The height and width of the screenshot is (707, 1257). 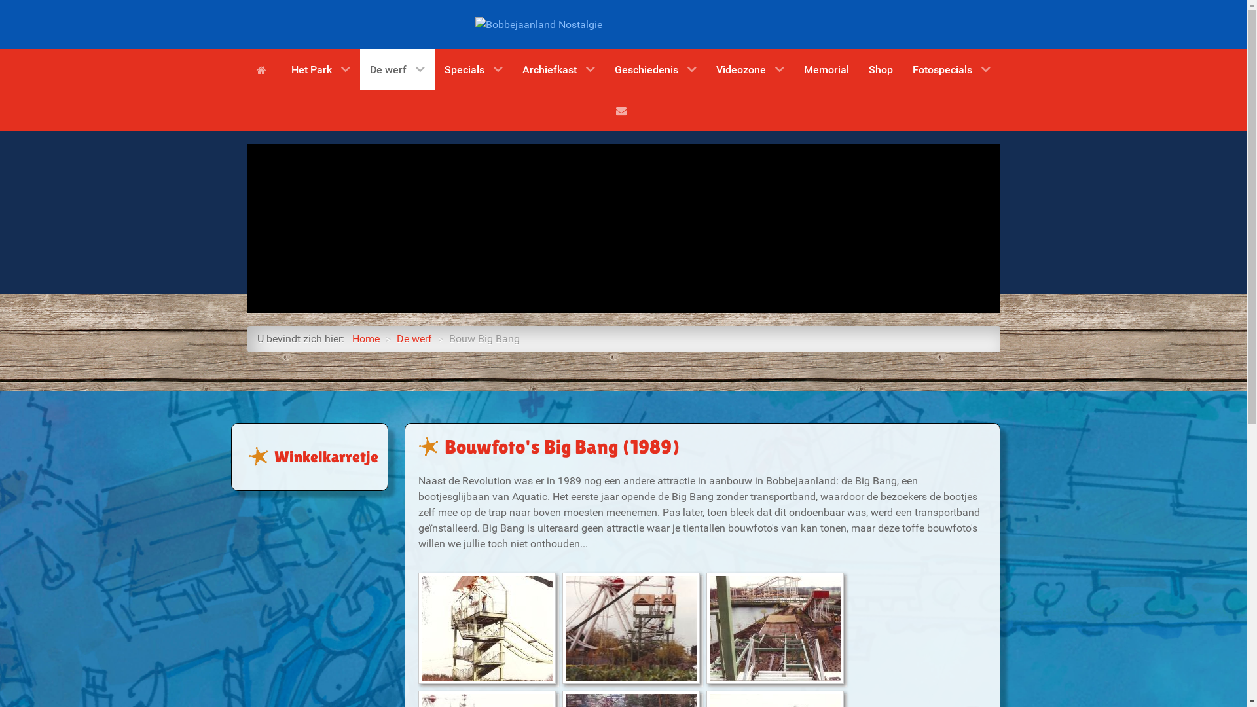 What do you see at coordinates (881, 69) in the screenshot?
I see `'Shop'` at bounding box center [881, 69].